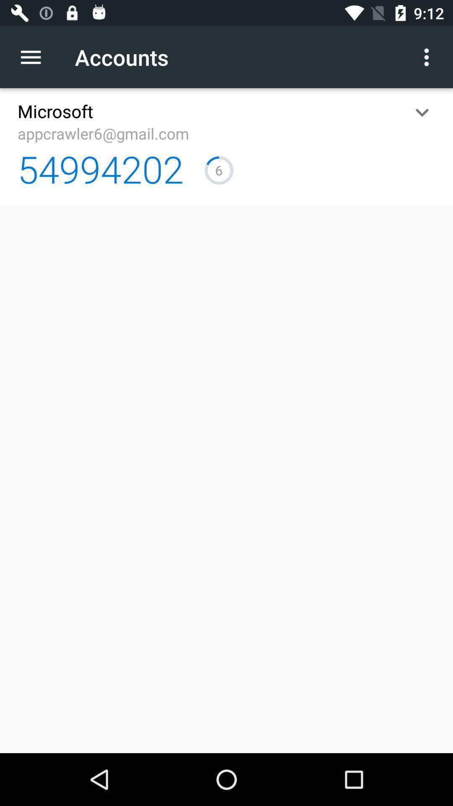 The width and height of the screenshot is (453, 806). I want to click on microsoft app, so click(55, 110).